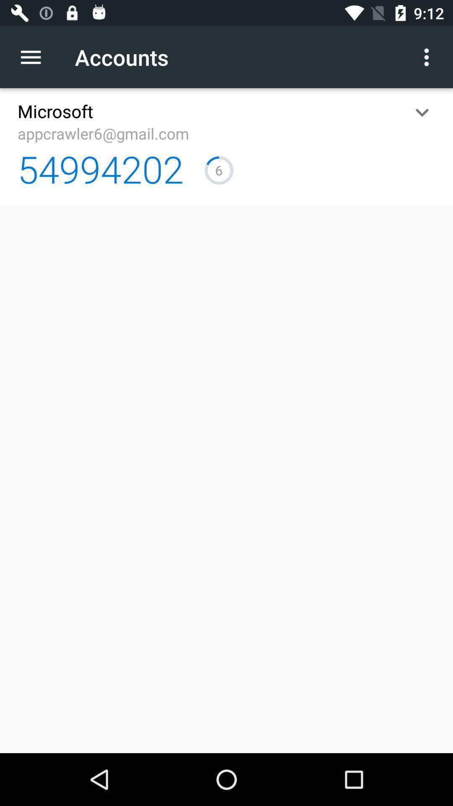 The width and height of the screenshot is (453, 806). I want to click on microsoft app, so click(55, 110).